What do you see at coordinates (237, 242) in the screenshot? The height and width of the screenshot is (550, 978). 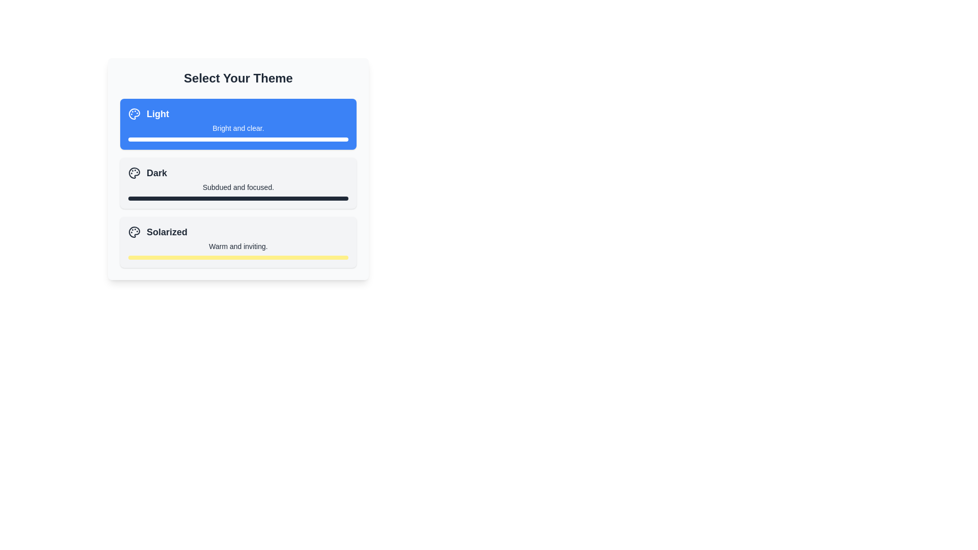 I see `the 'Solarized' theme selectable card` at bounding box center [237, 242].